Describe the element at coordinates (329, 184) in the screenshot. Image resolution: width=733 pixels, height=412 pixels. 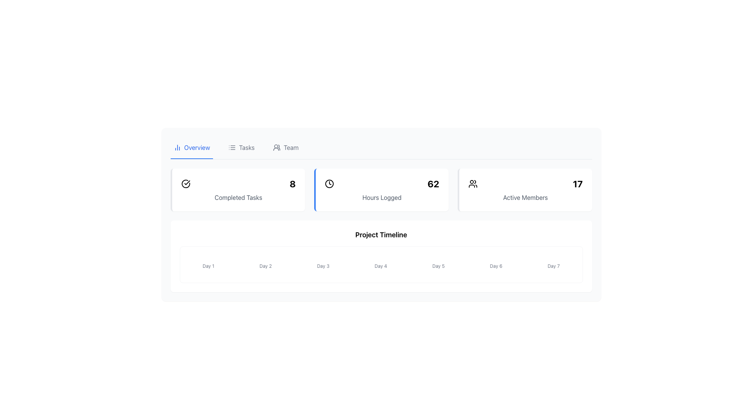
I see `the circular component of the clock icon in the 'Hours Logged' section, which visually represents the clock's dial` at that location.